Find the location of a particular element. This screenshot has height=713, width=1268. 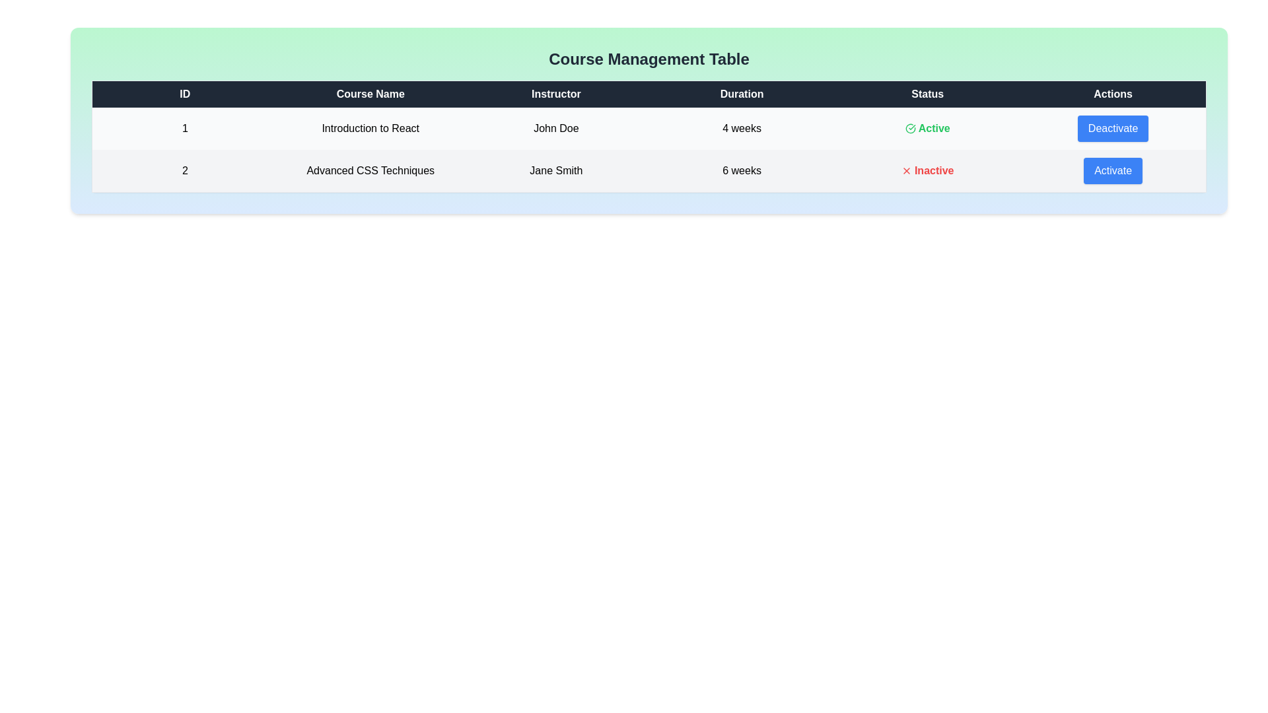

the blue 'Deactivate' button in the Actions column of the course management table is located at coordinates (1112, 129).